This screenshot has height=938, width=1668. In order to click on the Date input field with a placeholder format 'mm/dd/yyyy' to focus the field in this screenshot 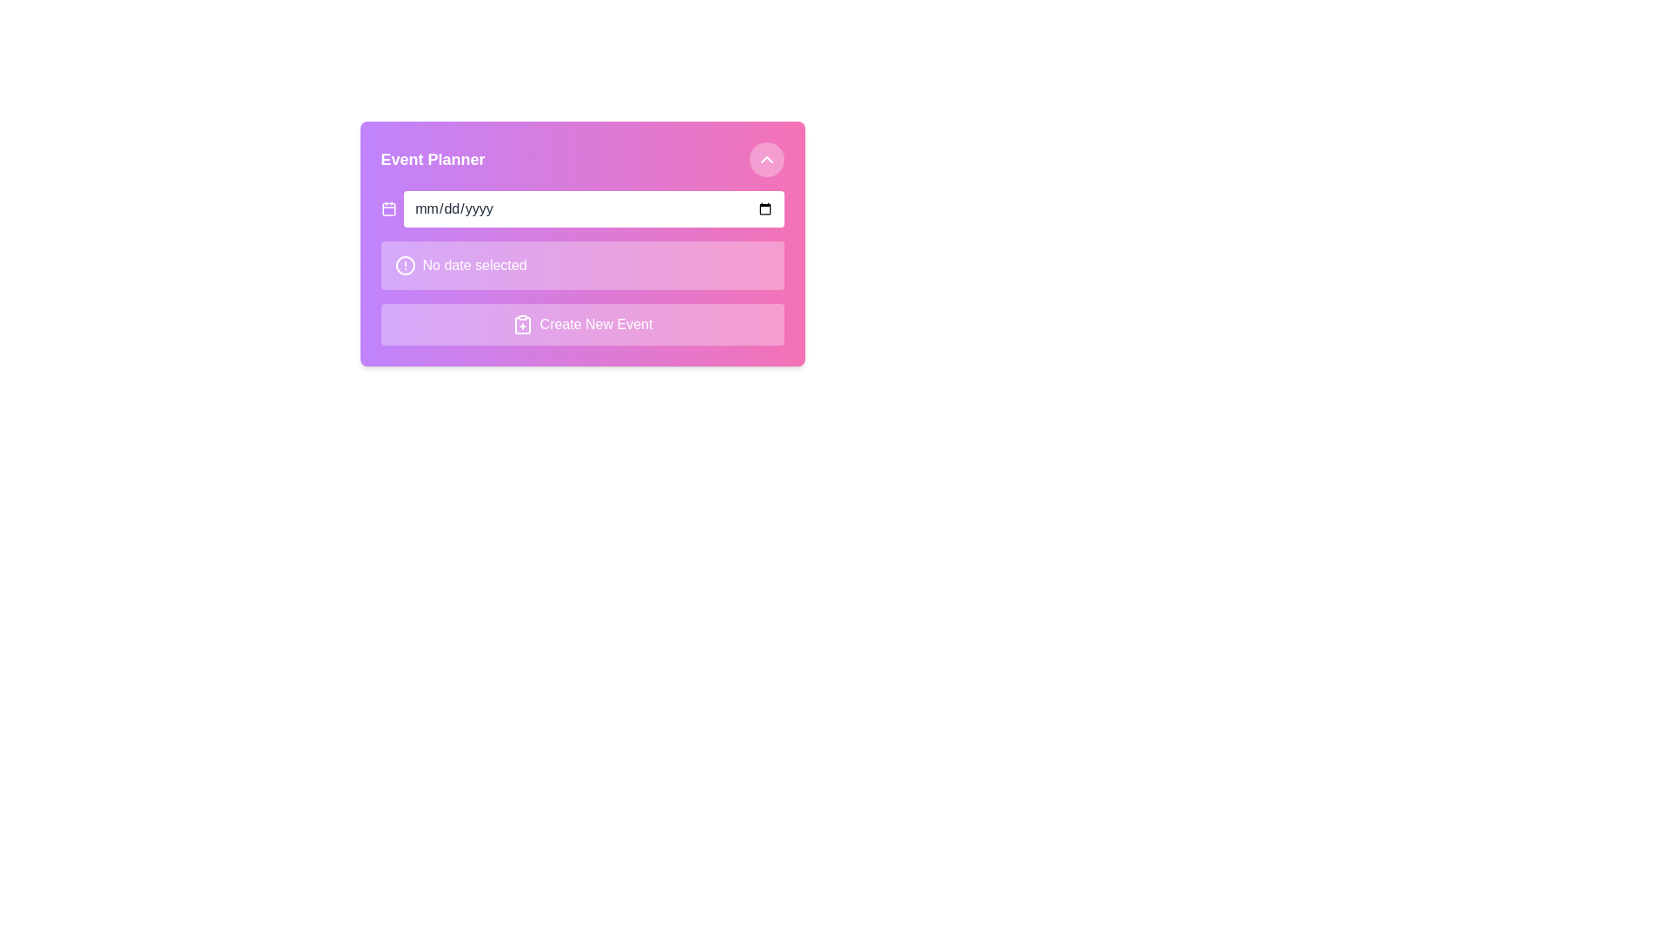, I will do `click(593, 208)`.